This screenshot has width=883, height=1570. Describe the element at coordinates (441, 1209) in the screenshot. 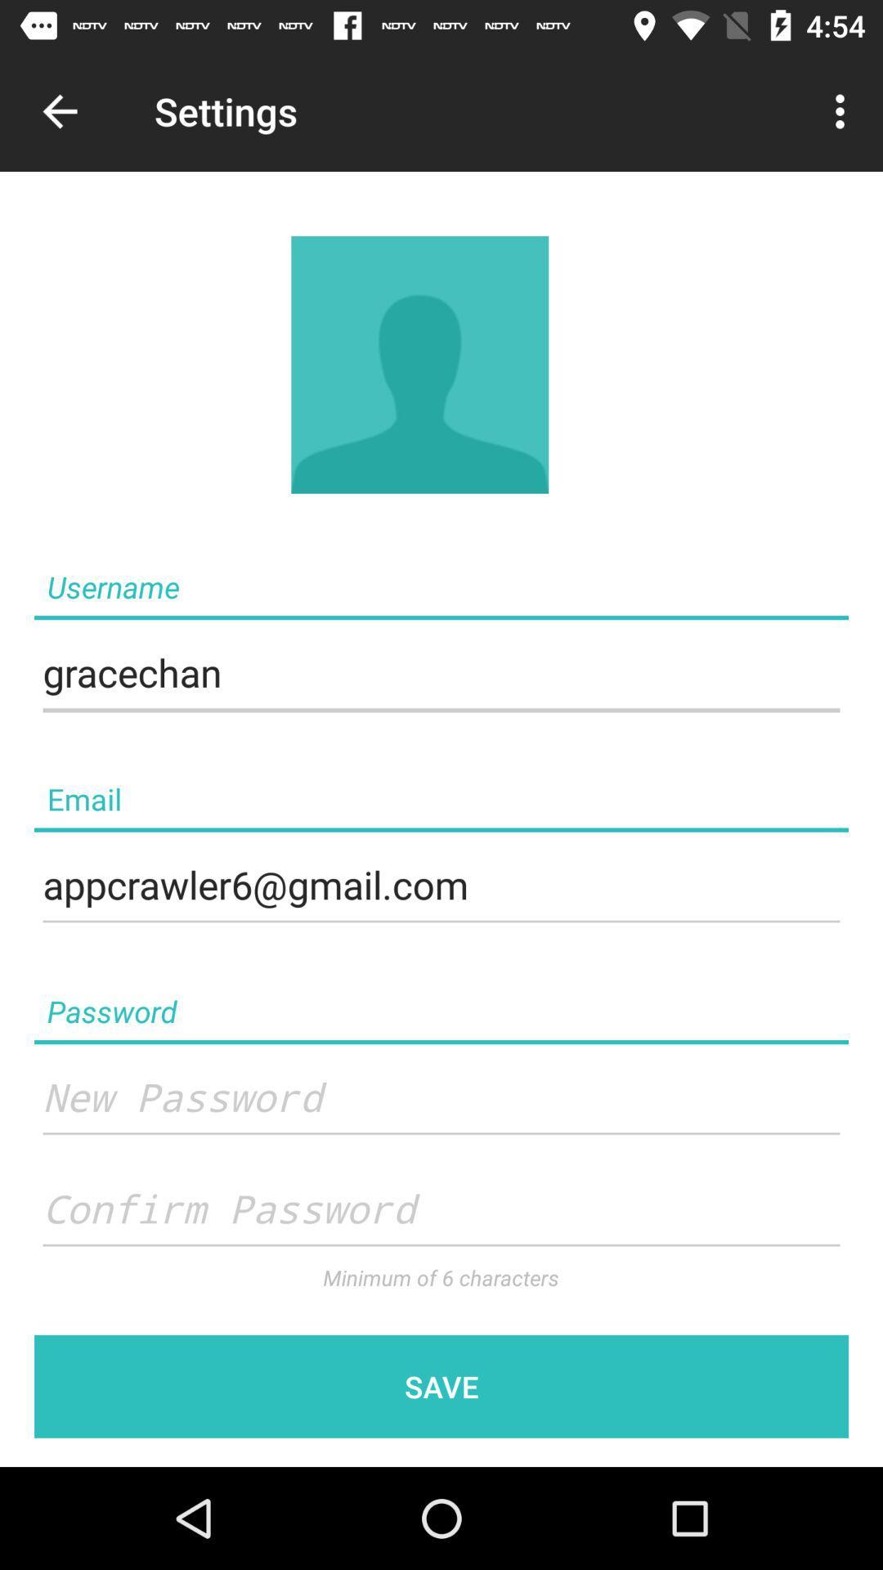

I see `confirm your password` at that location.